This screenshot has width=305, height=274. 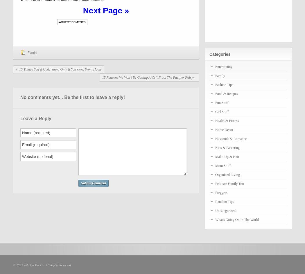 What do you see at coordinates (105, 10) in the screenshot?
I see `'Next Page »'` at bounding box center [105, 10].